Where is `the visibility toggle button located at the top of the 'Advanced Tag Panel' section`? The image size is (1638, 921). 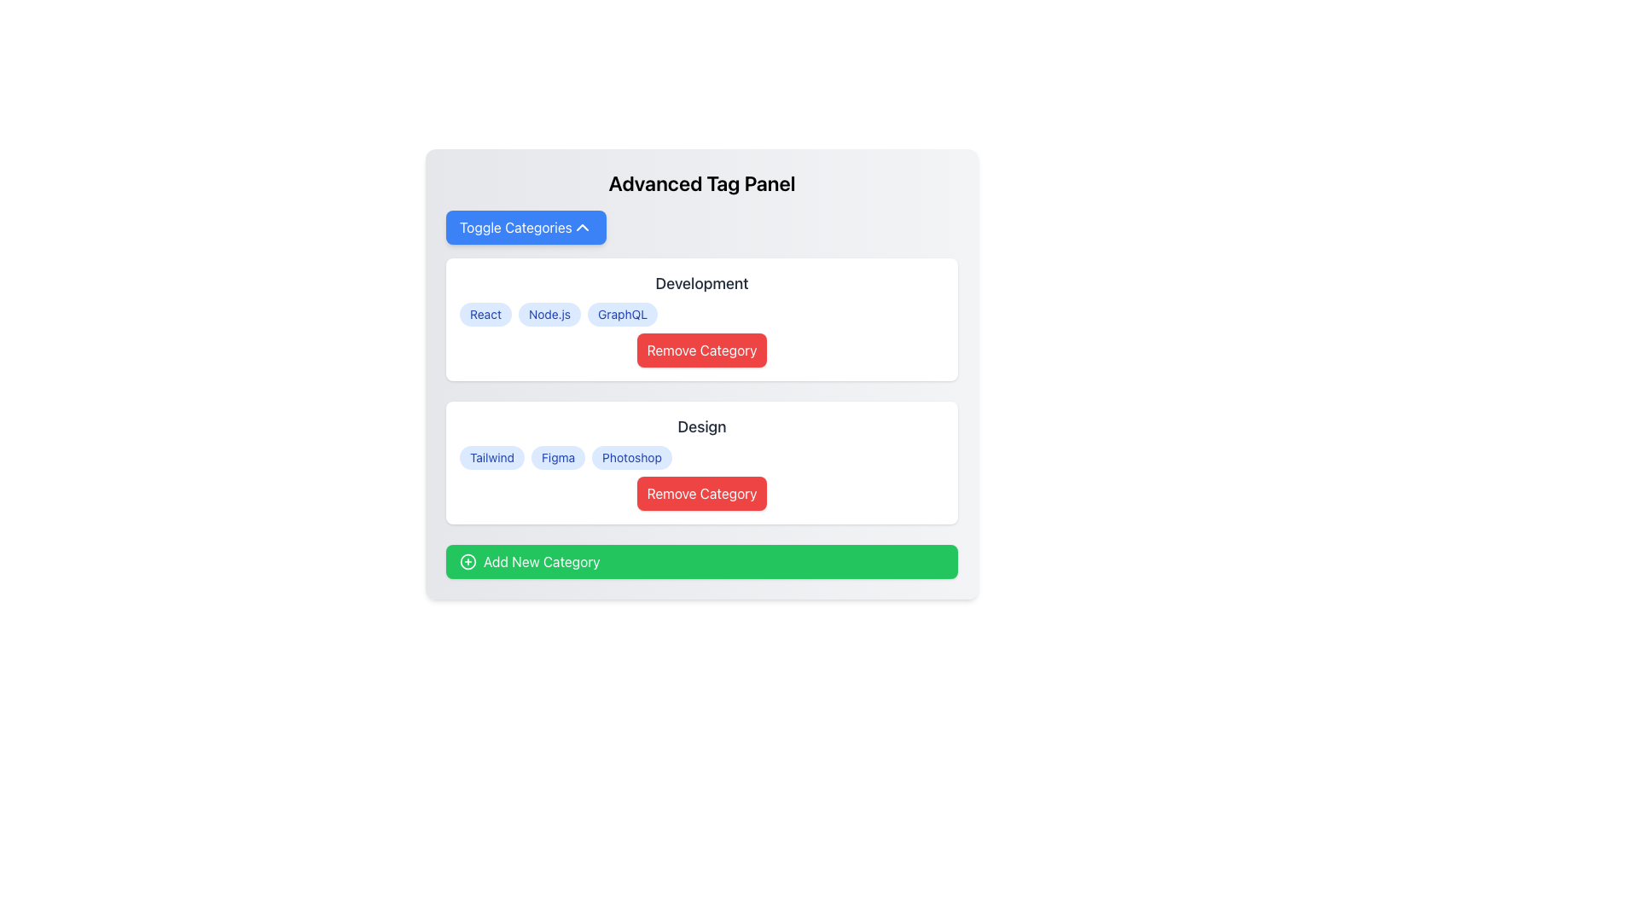 the visibility toggle button located at the top of the 'Advanced Tag Panel' section is located at coordinates (525, 226).